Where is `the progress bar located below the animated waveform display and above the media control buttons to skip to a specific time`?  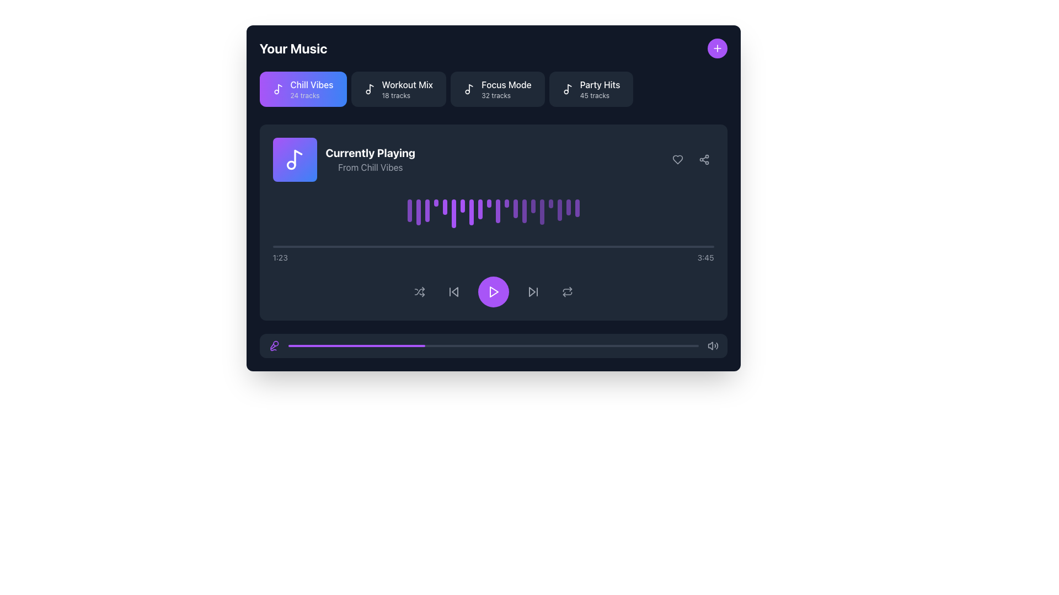 the progress bar located below the animated waveform display and above the media control buttons to skip to a specific time is located at coordinates (493, 255).